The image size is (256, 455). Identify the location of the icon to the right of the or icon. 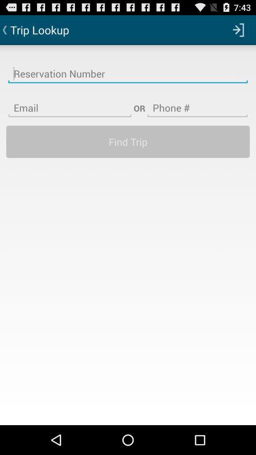
(197, 102).